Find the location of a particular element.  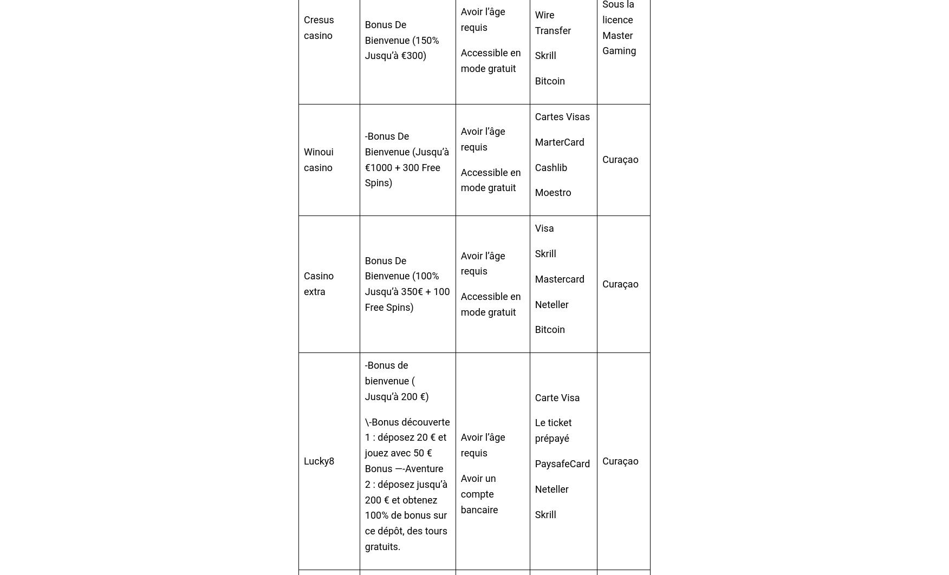

'Le ticket prépayé' is located at coordinates (552, 430).